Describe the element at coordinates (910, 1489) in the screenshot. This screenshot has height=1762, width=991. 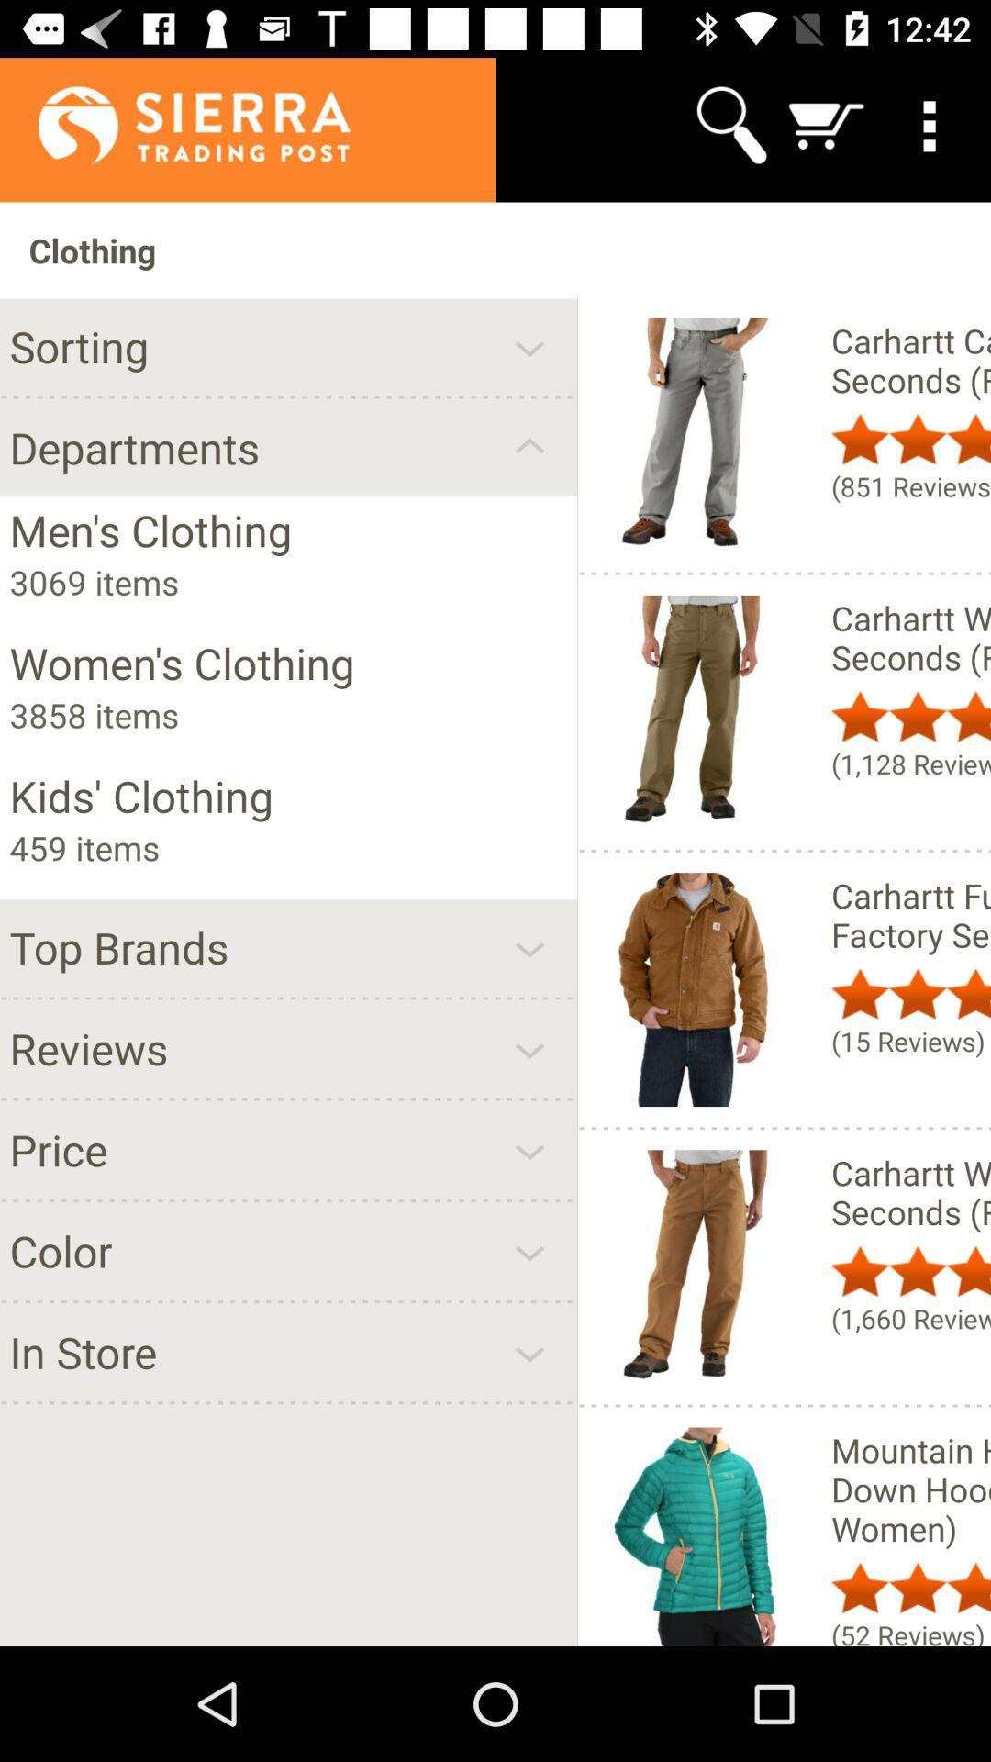
I see `app below (1,660 reviews) app` at that location.